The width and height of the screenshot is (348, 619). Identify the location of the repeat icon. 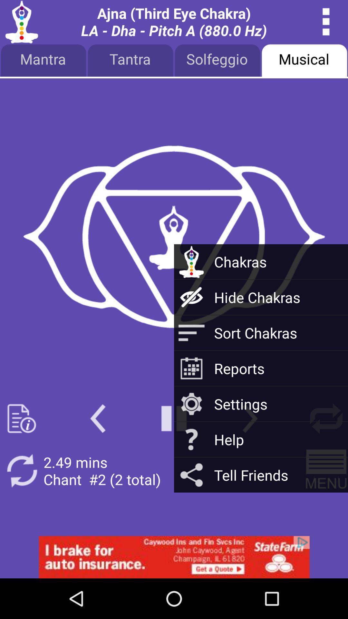
(326, 447).